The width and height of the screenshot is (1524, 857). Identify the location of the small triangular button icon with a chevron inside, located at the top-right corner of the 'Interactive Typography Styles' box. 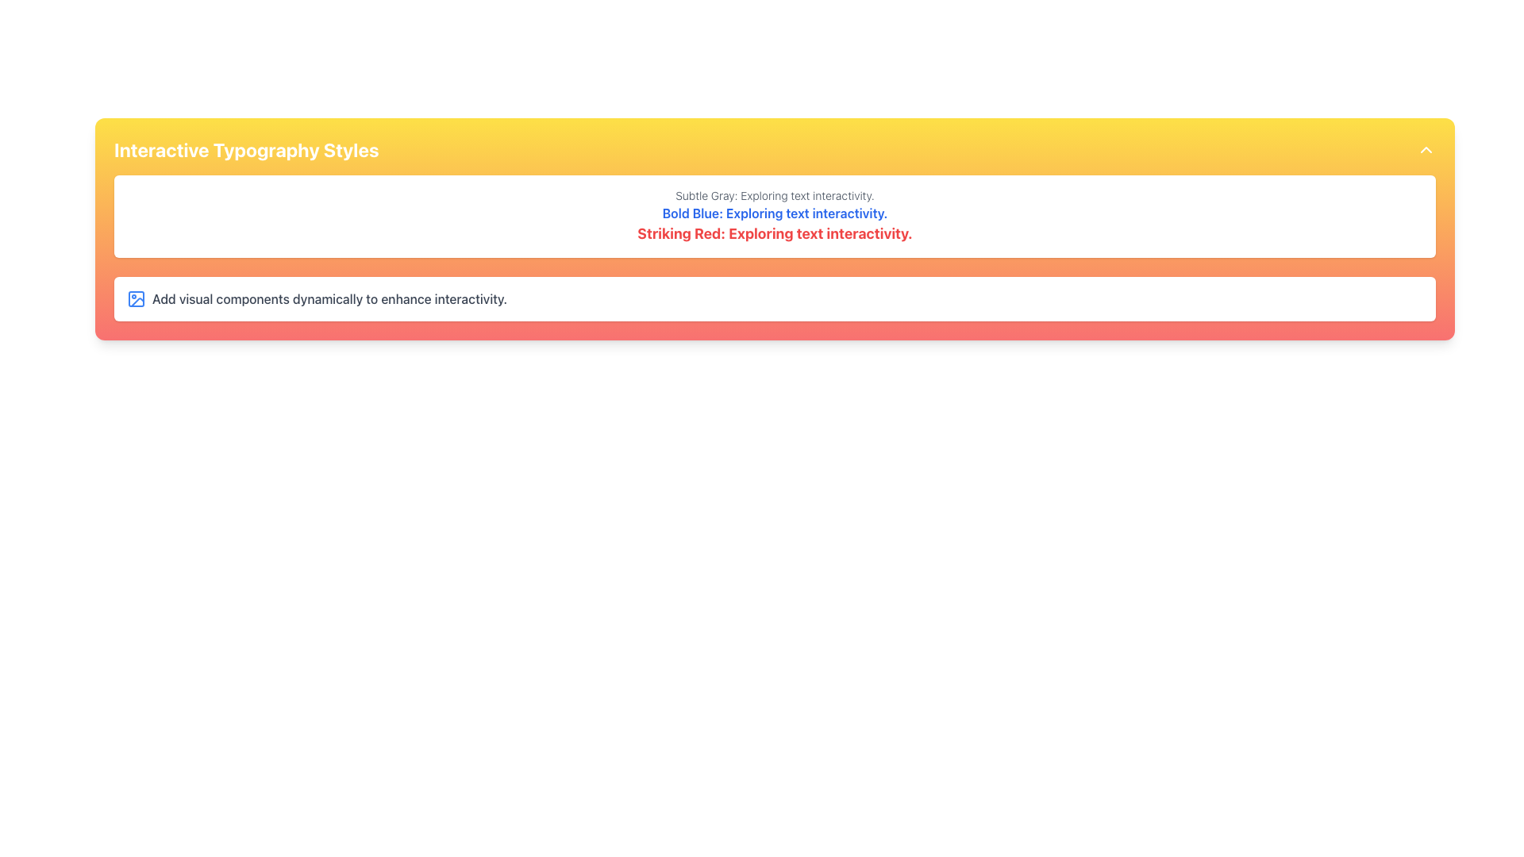
(1426, 150).